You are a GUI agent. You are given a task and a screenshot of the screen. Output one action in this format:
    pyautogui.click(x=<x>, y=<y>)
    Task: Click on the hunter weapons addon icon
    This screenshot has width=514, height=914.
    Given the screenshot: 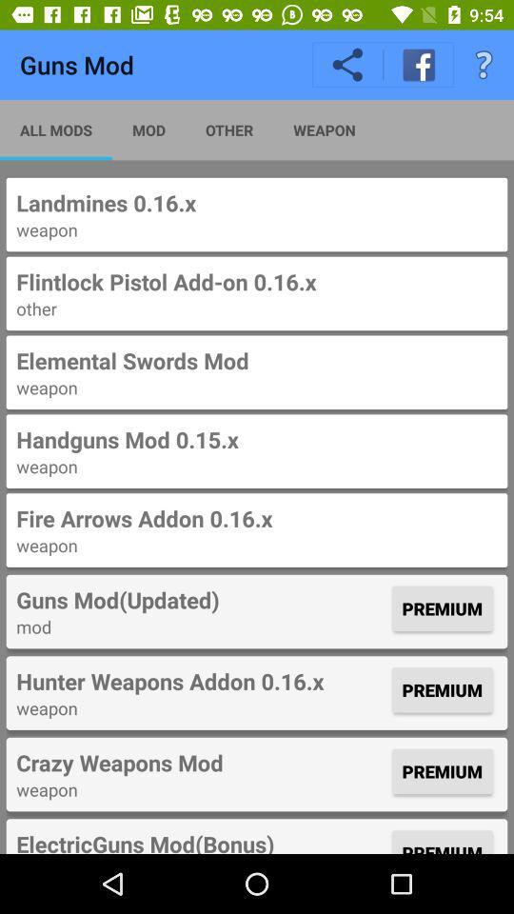 What is the action you would take?
    pyautogui.click(x=201, y=681)
    